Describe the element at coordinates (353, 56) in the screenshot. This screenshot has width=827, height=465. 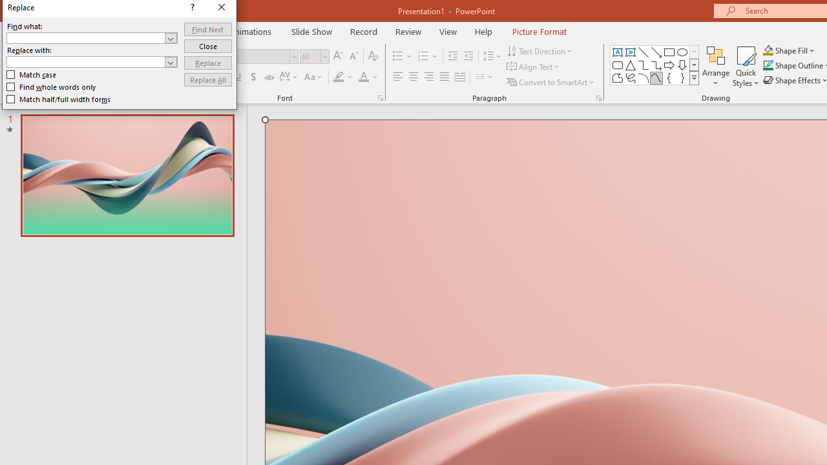
I see `'Decrease Font Size'` at that location.